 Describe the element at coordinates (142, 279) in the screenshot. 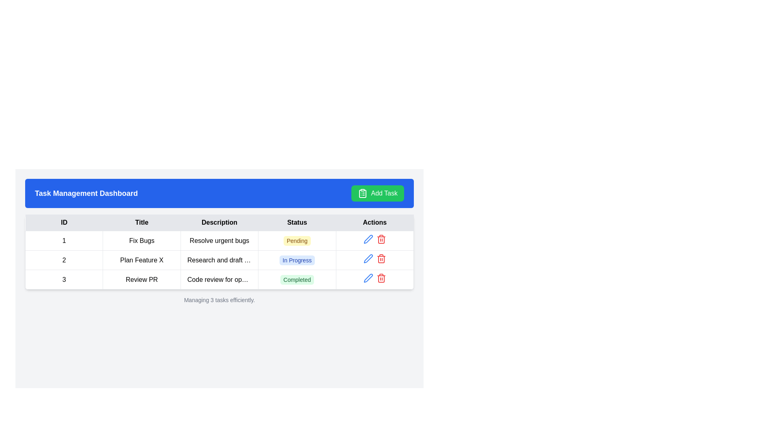

I see `the text label indicating the title of the task in row ID 3 under the 'Title' column` at that location.